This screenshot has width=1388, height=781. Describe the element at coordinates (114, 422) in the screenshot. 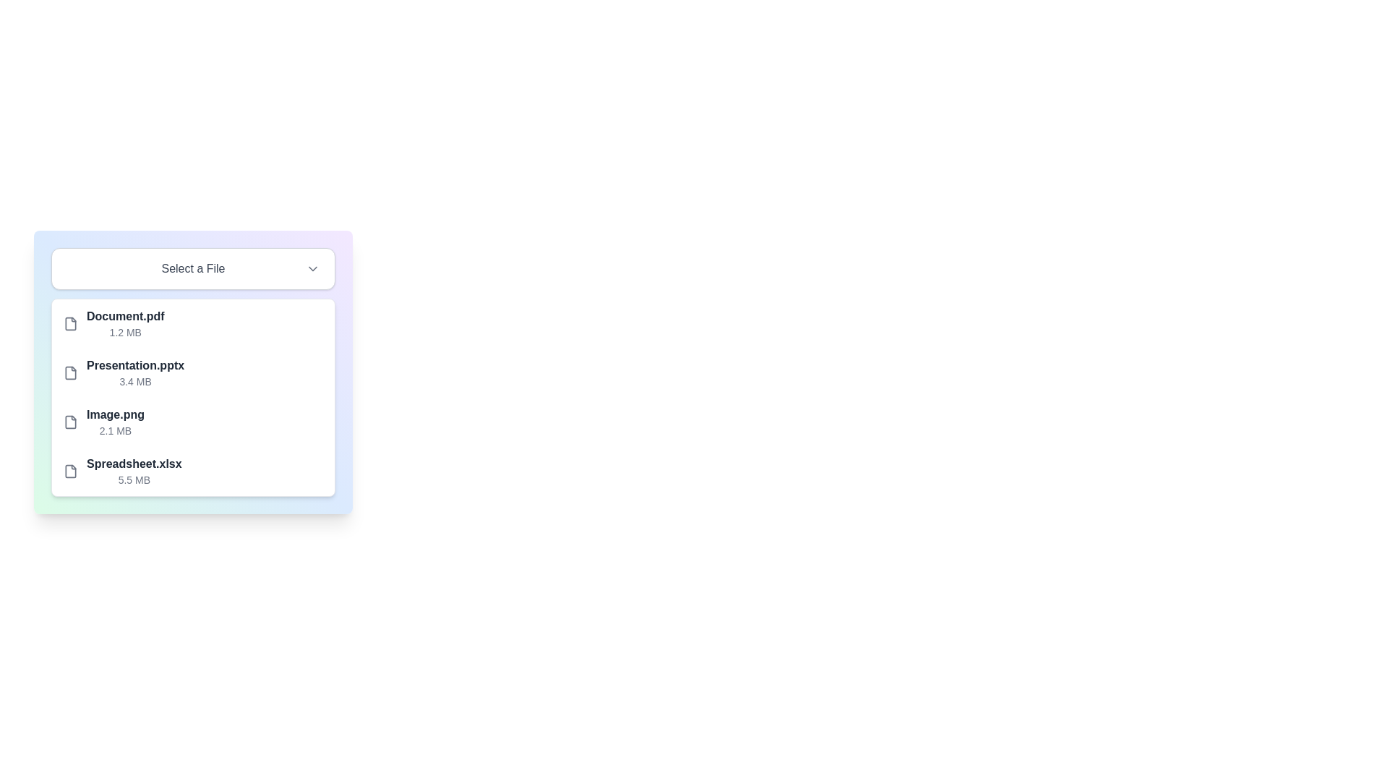

I see `the file listing labeled 'Image.png' located` at that location.